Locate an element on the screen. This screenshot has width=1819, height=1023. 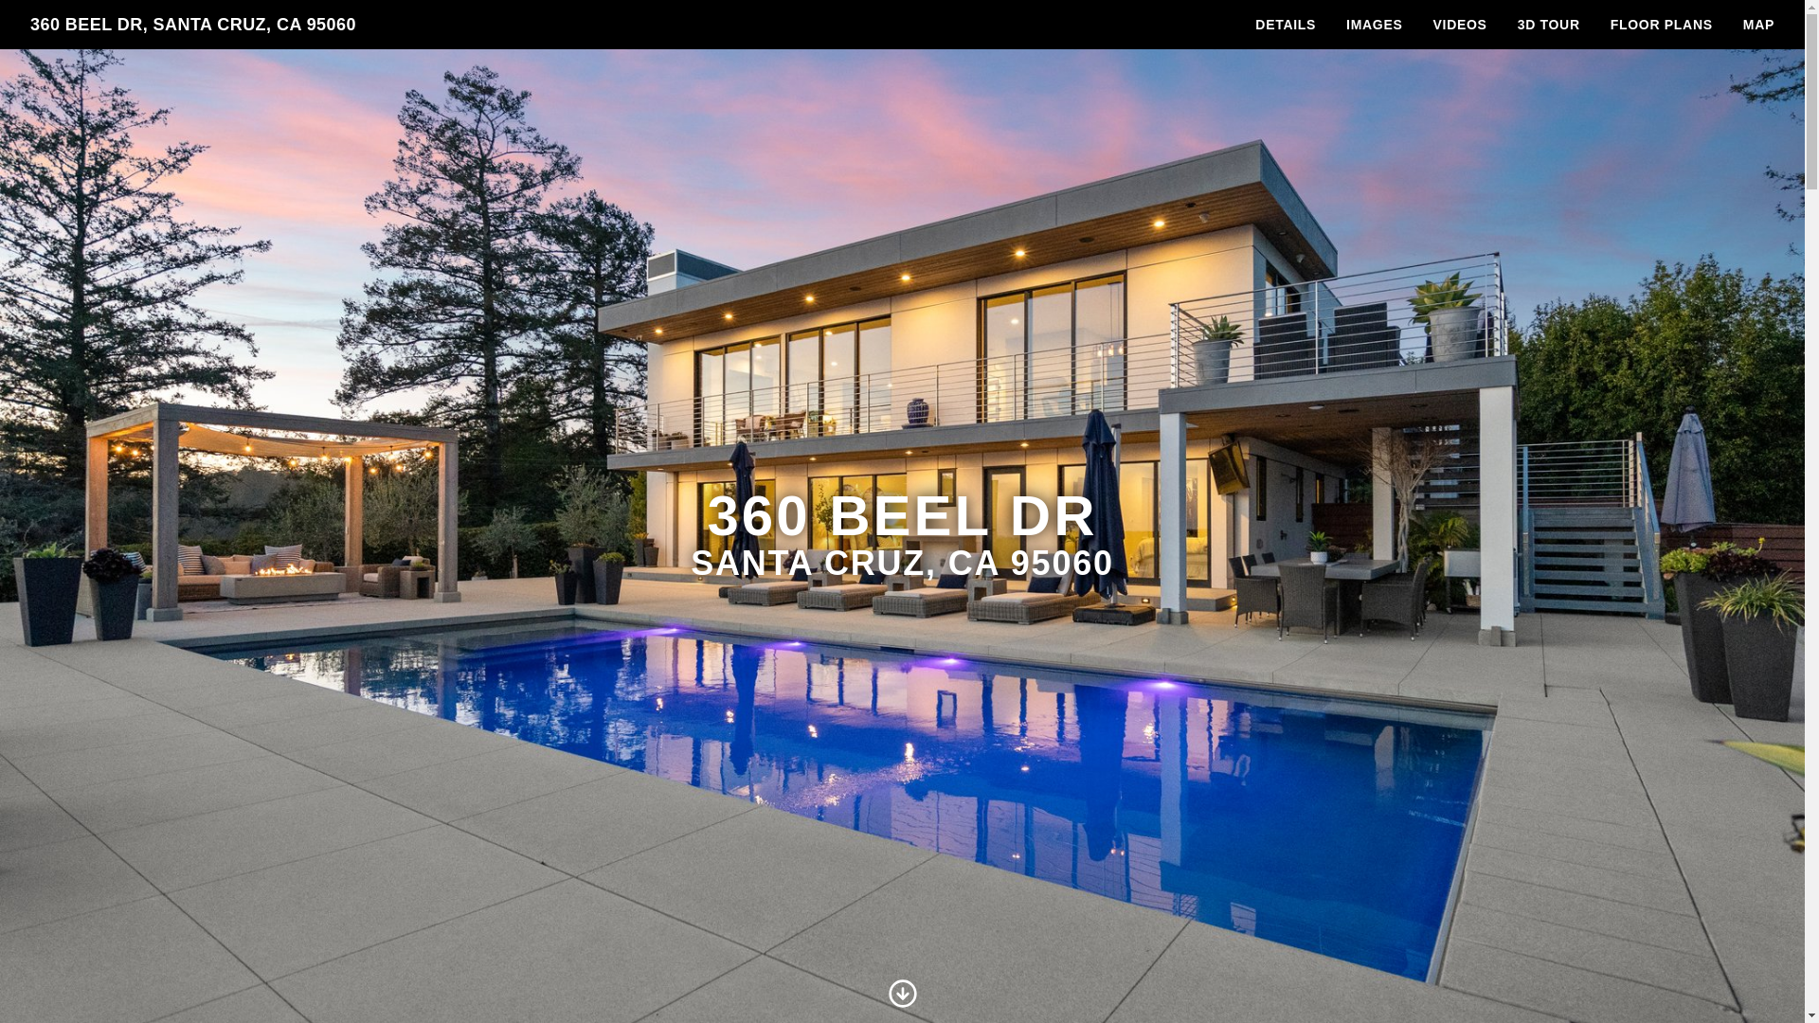
'3D TOUR' is located at coordinates (1501, 25).